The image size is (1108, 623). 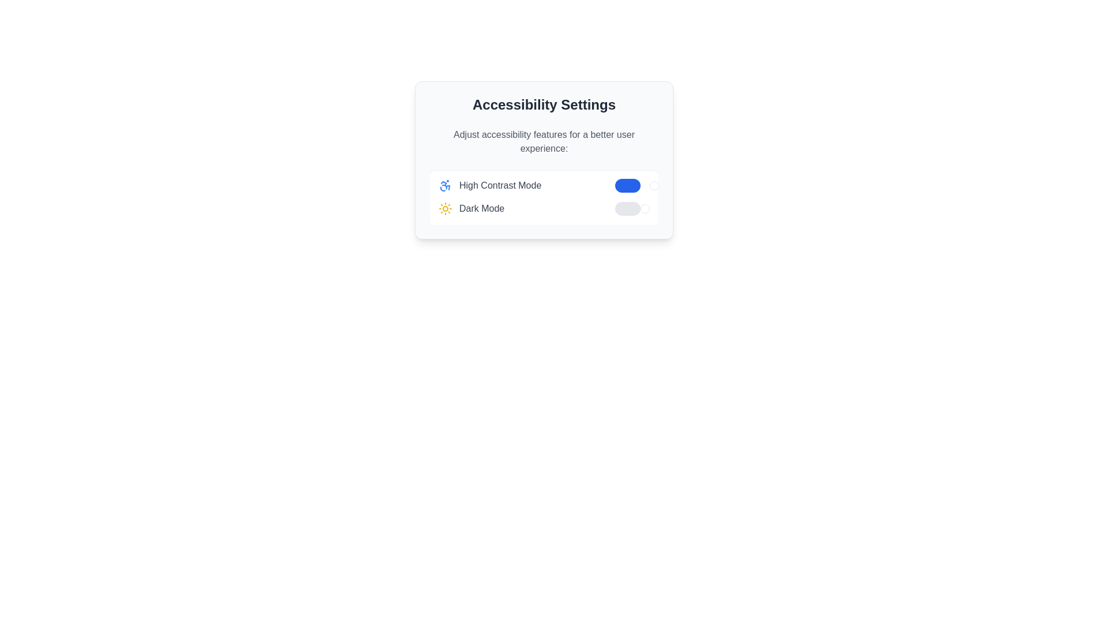 I want to click on the 'High Contrast Mode' label and icon located in the 'Accessibility Settings' section, positioned in the first row above the 'Dark Mode' option, so click(x=490, y=185).